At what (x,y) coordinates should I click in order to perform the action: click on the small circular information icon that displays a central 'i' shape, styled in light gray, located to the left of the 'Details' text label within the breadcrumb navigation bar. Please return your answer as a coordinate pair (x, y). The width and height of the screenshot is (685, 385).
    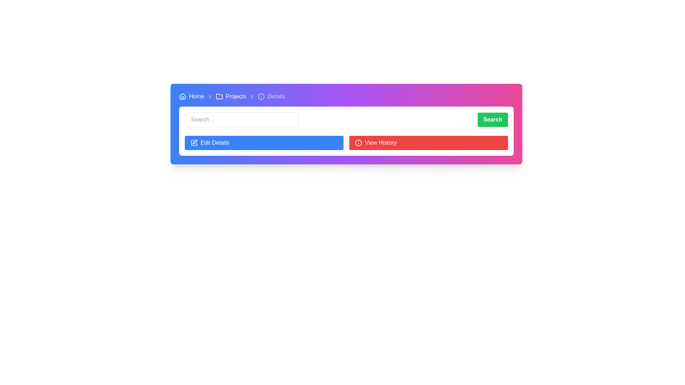
    Looking at the image, I should click on (261, 96).